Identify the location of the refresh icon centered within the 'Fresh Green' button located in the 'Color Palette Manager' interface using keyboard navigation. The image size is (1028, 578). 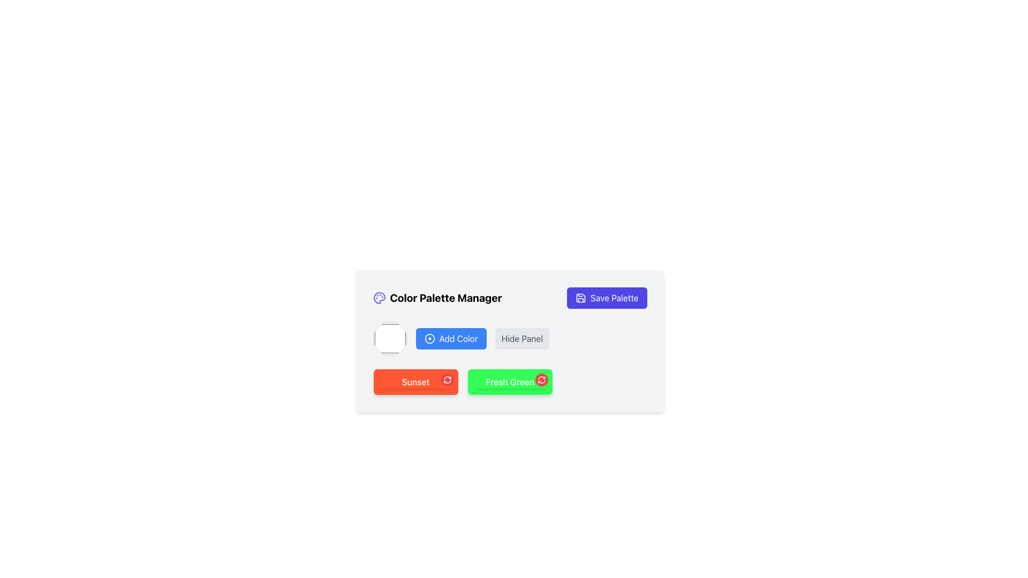
(541, 379).